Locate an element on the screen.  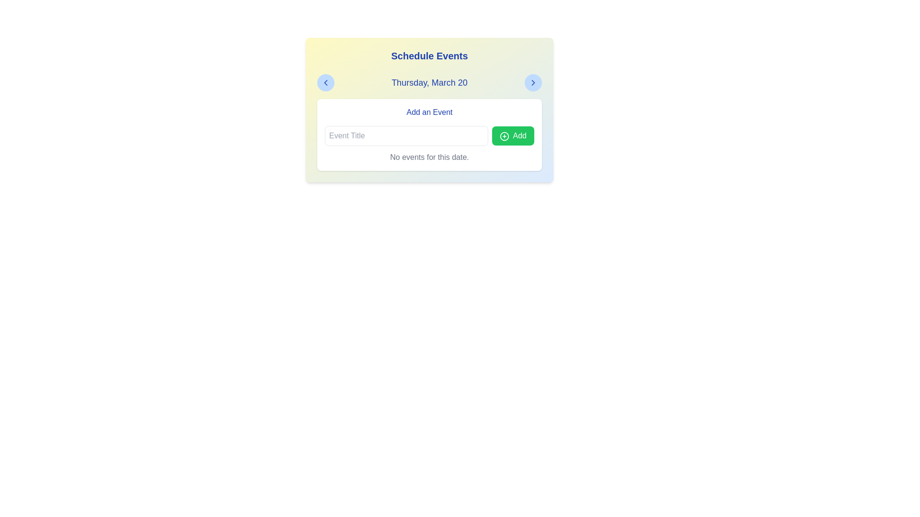
the 'Add' button icon is located at coordinates (504, 136).